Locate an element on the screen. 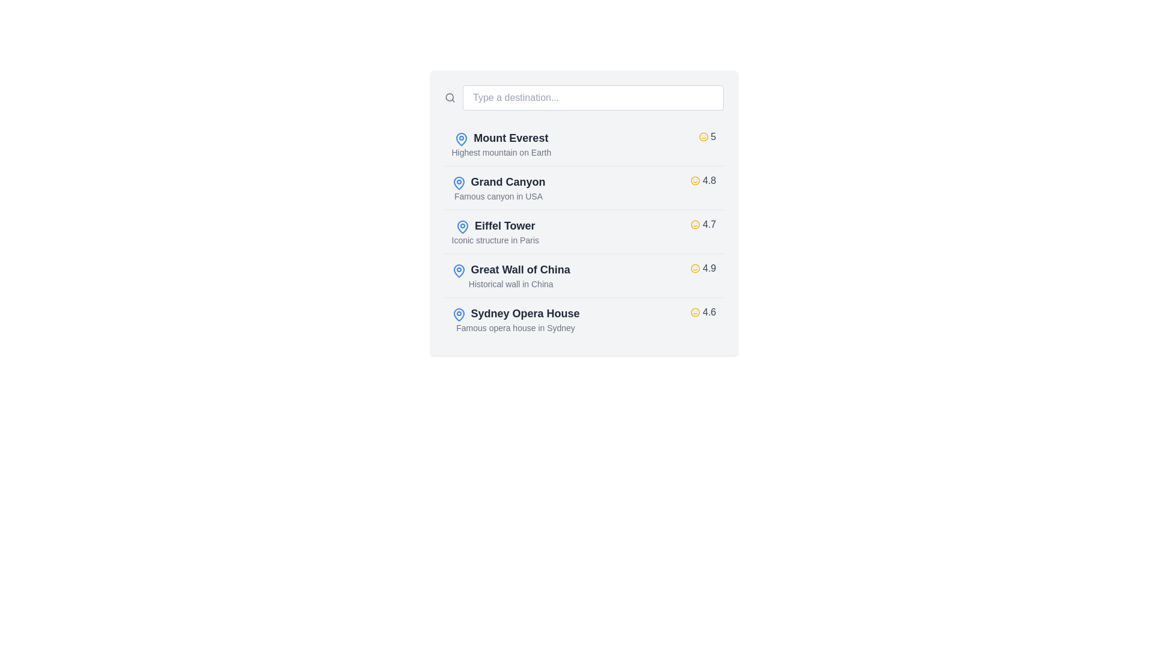 This screenshot has height=649, width=1154. the Search Icon, which is located next to the text input box labeled 'Type a destination...'. This icon functions as a button to trigger search functionality is located at coordinates (449, 97).